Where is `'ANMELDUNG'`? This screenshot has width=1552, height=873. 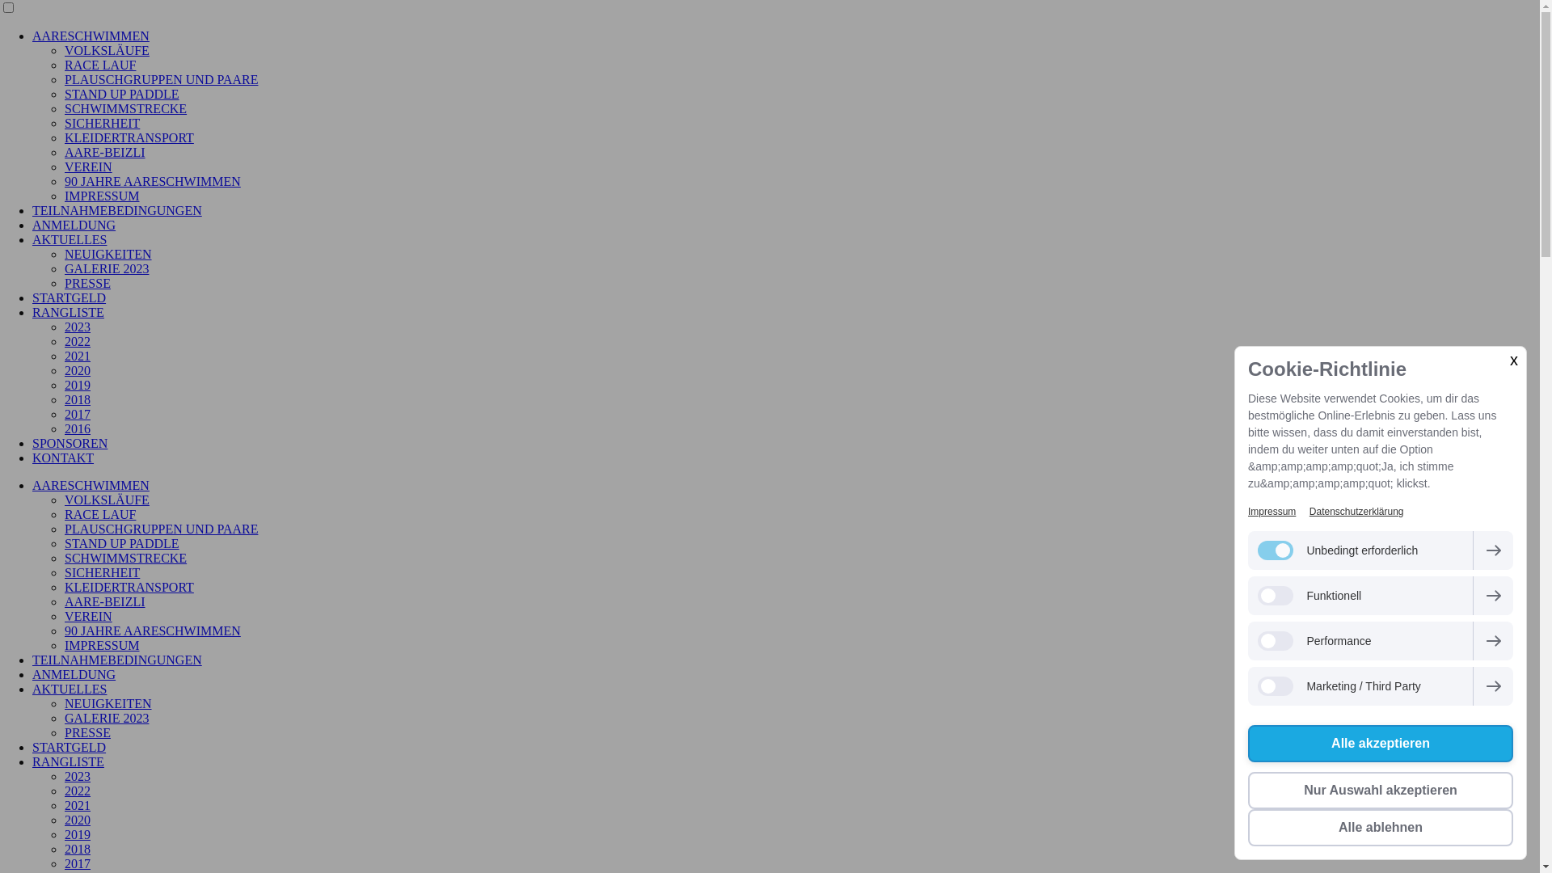 'ANMELDUNG' is located at coordinates (73, 674).